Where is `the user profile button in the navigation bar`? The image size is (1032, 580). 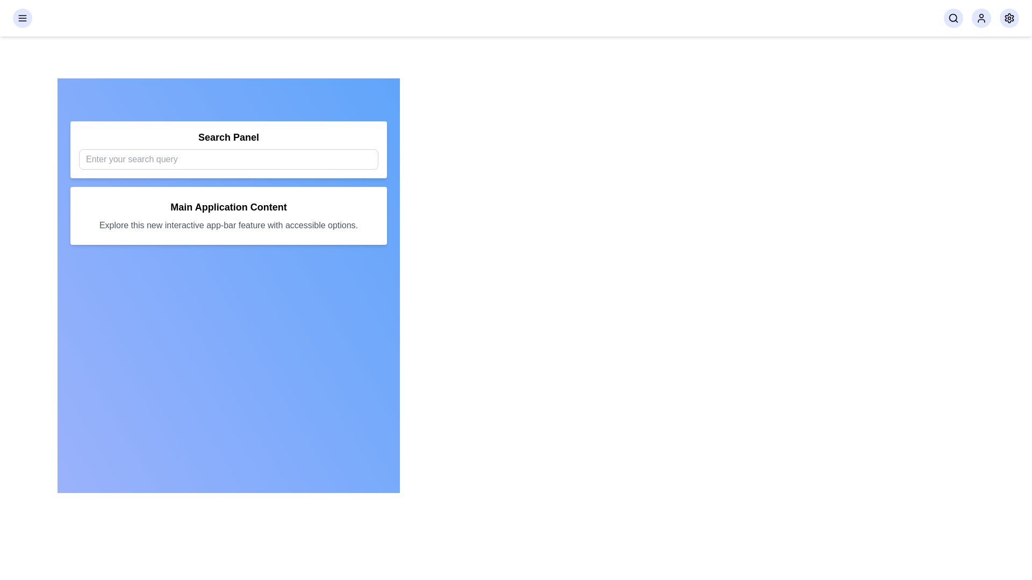
the user profile button in the navigation bar is located at coordinates (981, 18).